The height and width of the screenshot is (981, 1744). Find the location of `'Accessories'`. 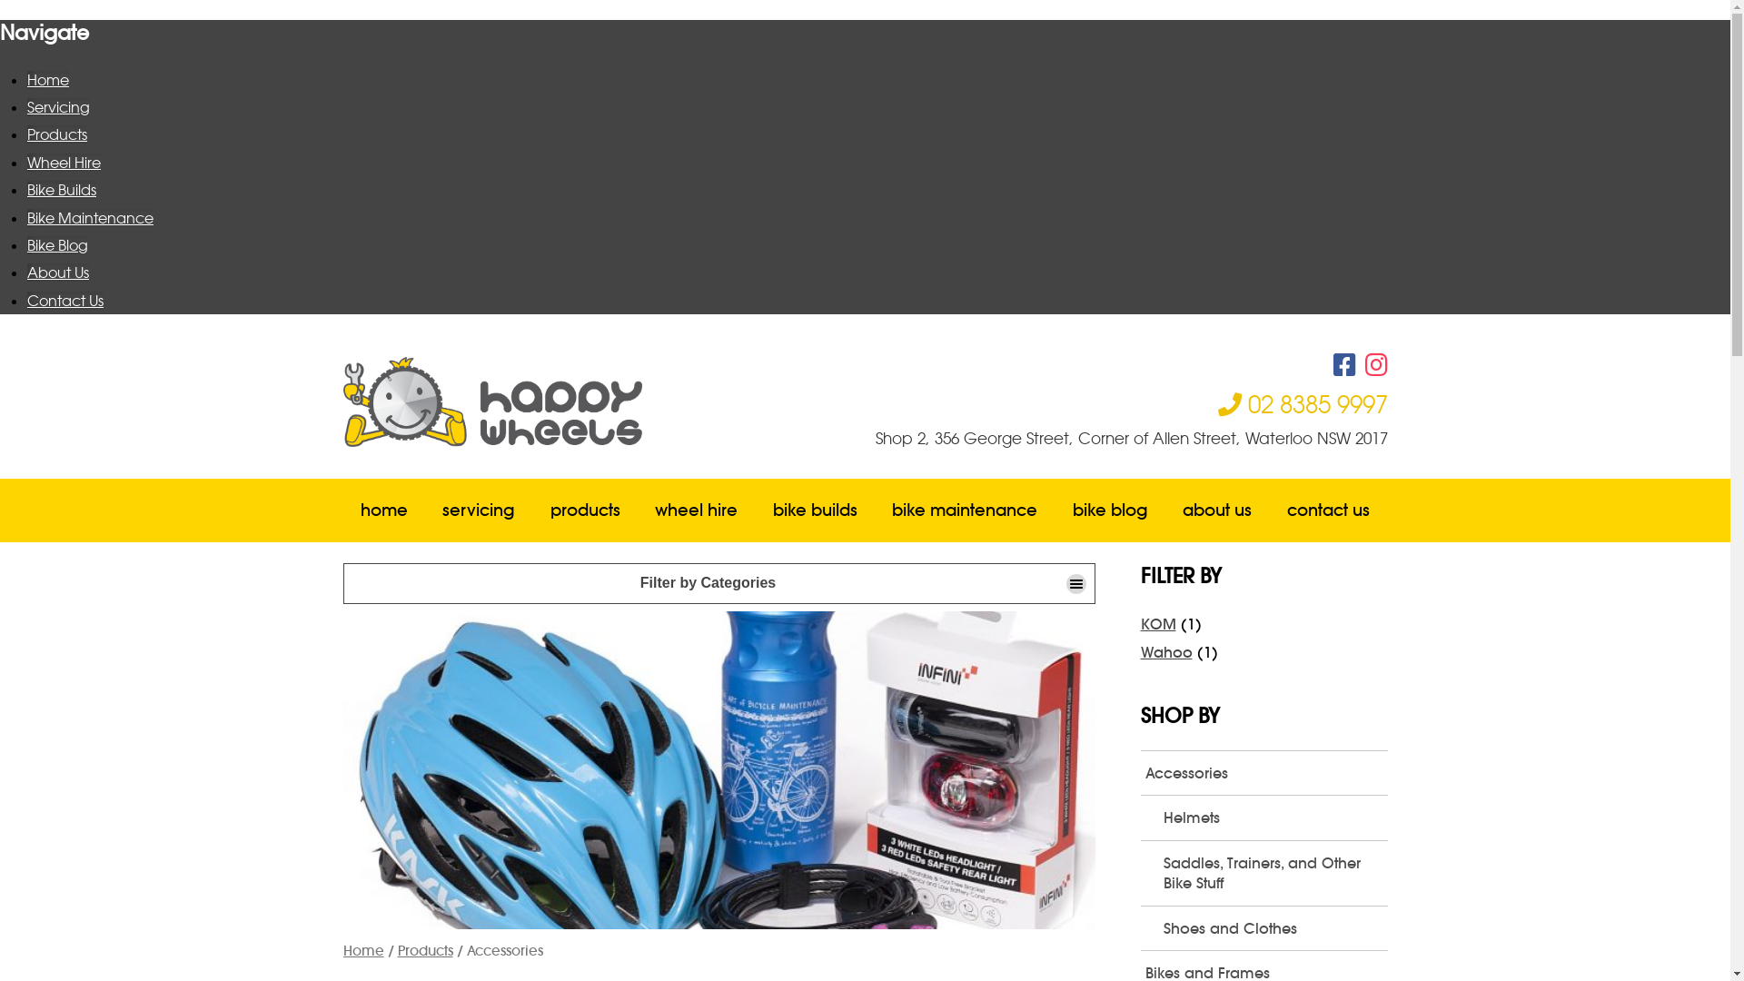

'Accessories' is located at coordinates (1263, 773).